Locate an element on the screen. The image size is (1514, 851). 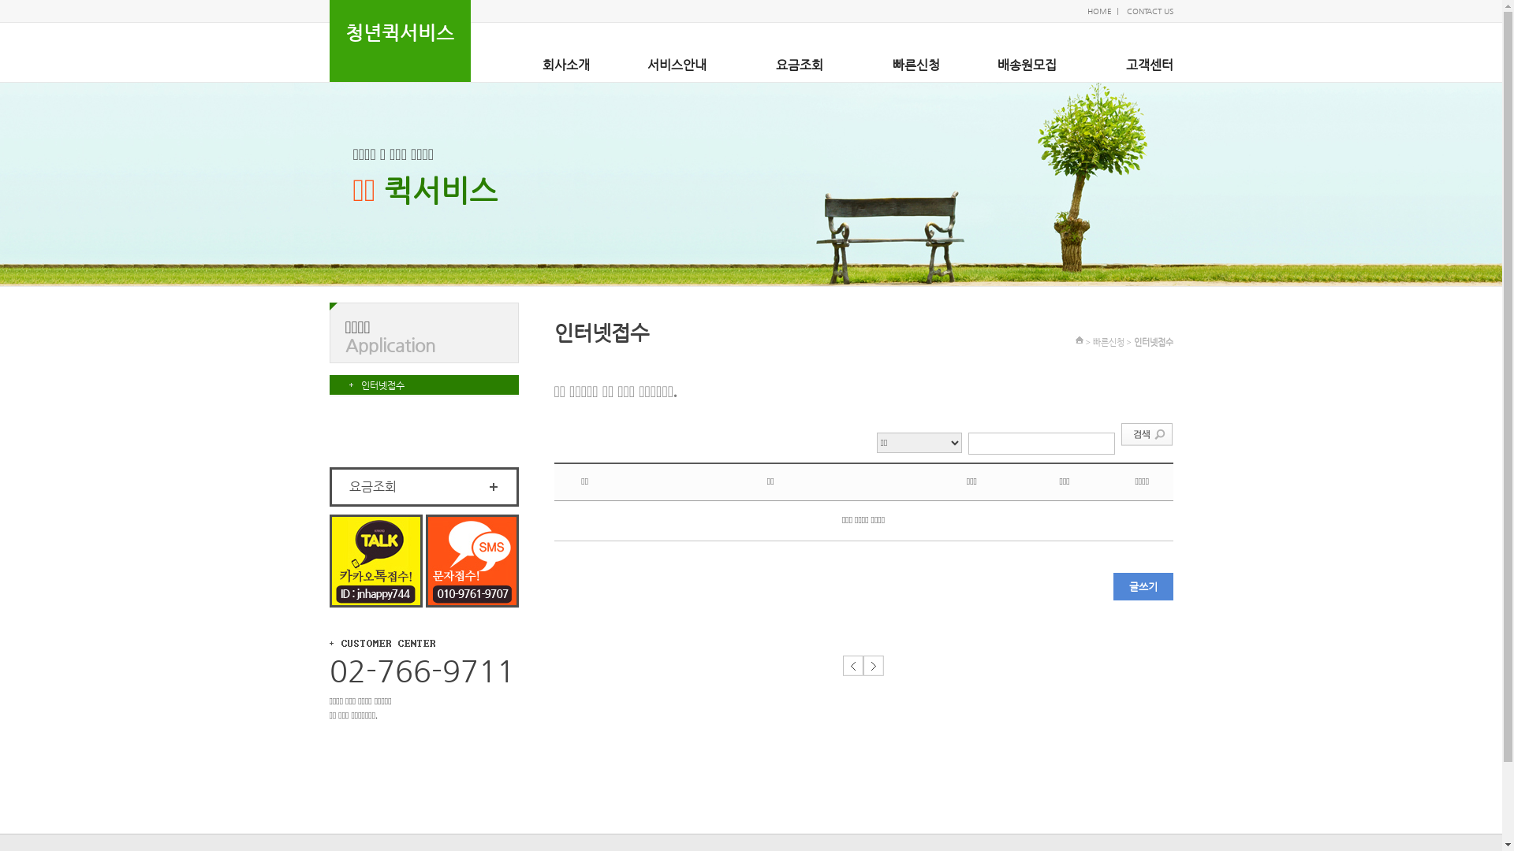
'CONTACT US' is located at coordinates (1149, 11).